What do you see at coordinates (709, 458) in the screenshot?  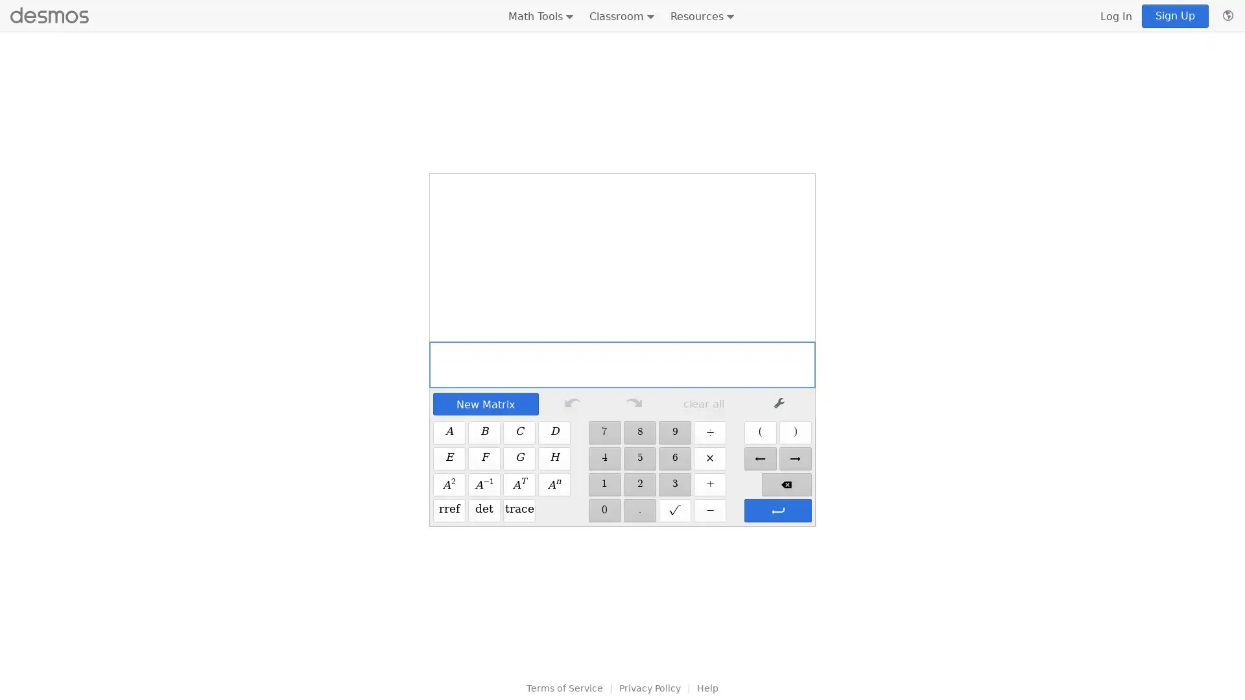 I see `Times` at bounding box center [709, 458].